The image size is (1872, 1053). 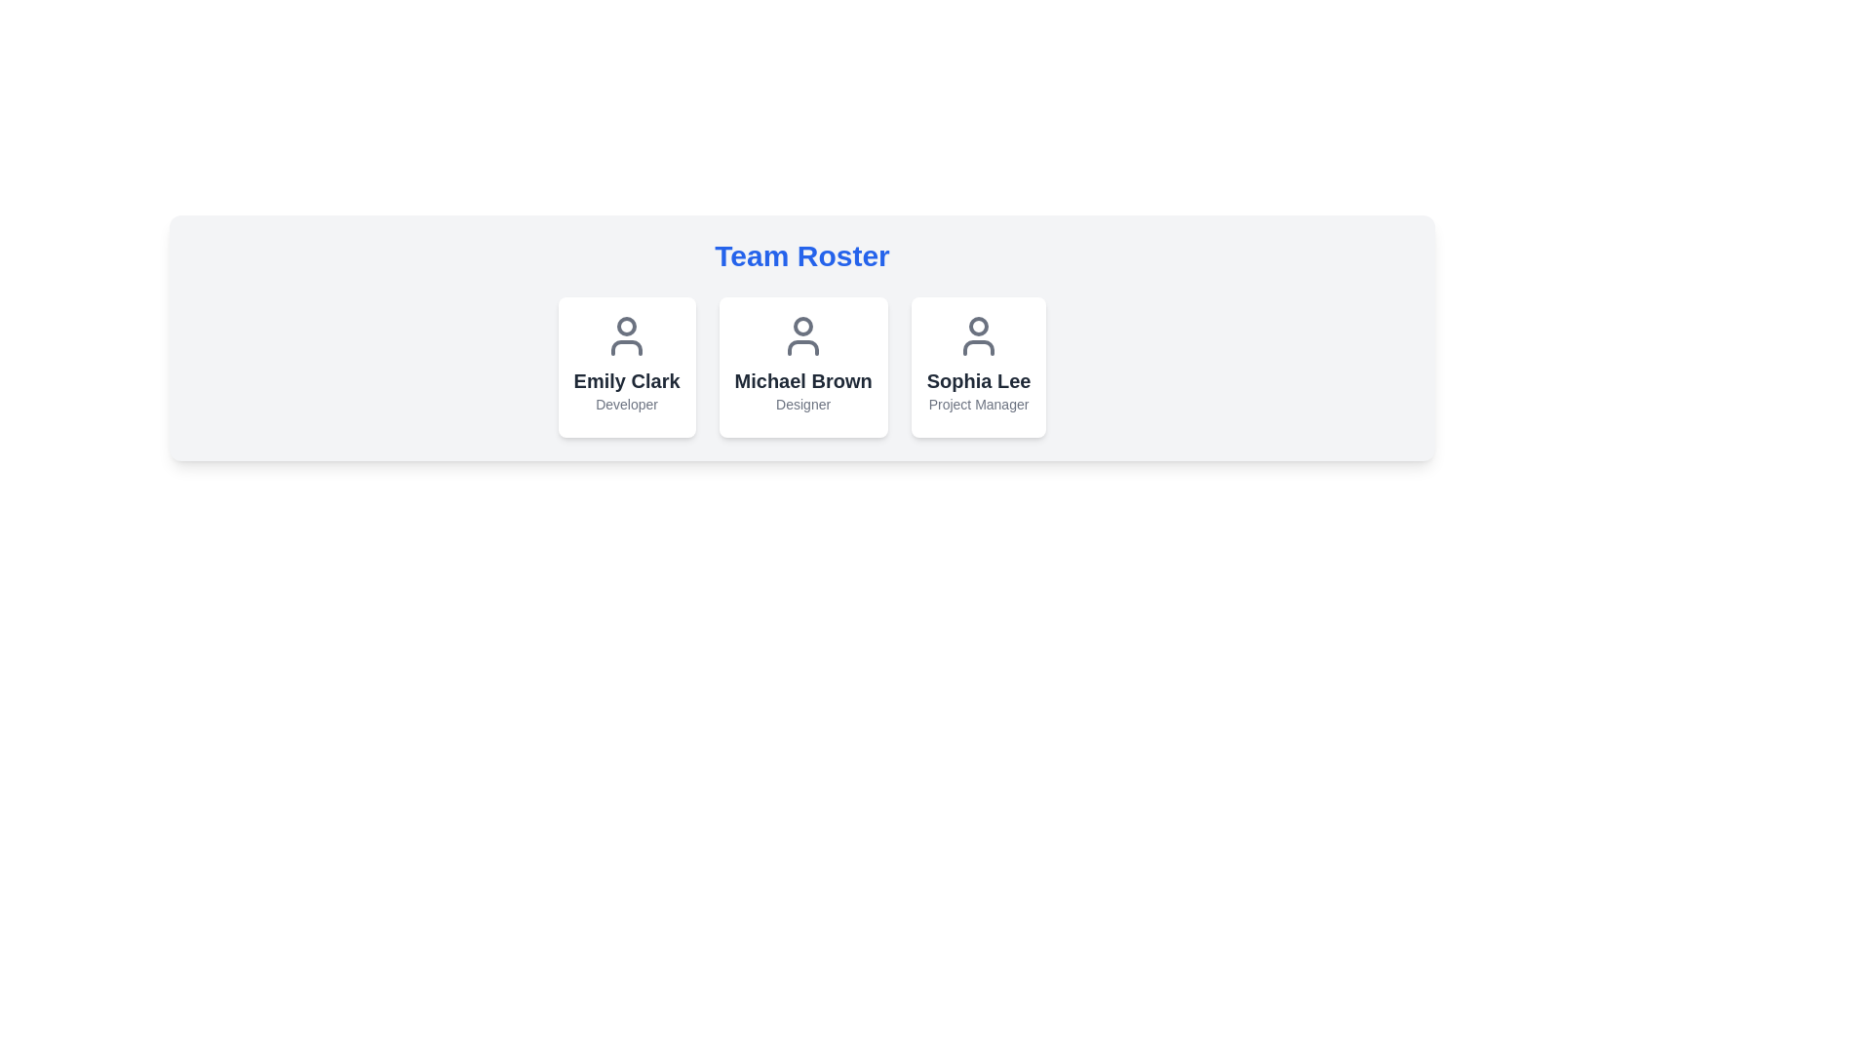 I want to click on the lower half of the user icon representing the profile of 'Emily Clark' in the team roster layout, so click(x=627, y=347).